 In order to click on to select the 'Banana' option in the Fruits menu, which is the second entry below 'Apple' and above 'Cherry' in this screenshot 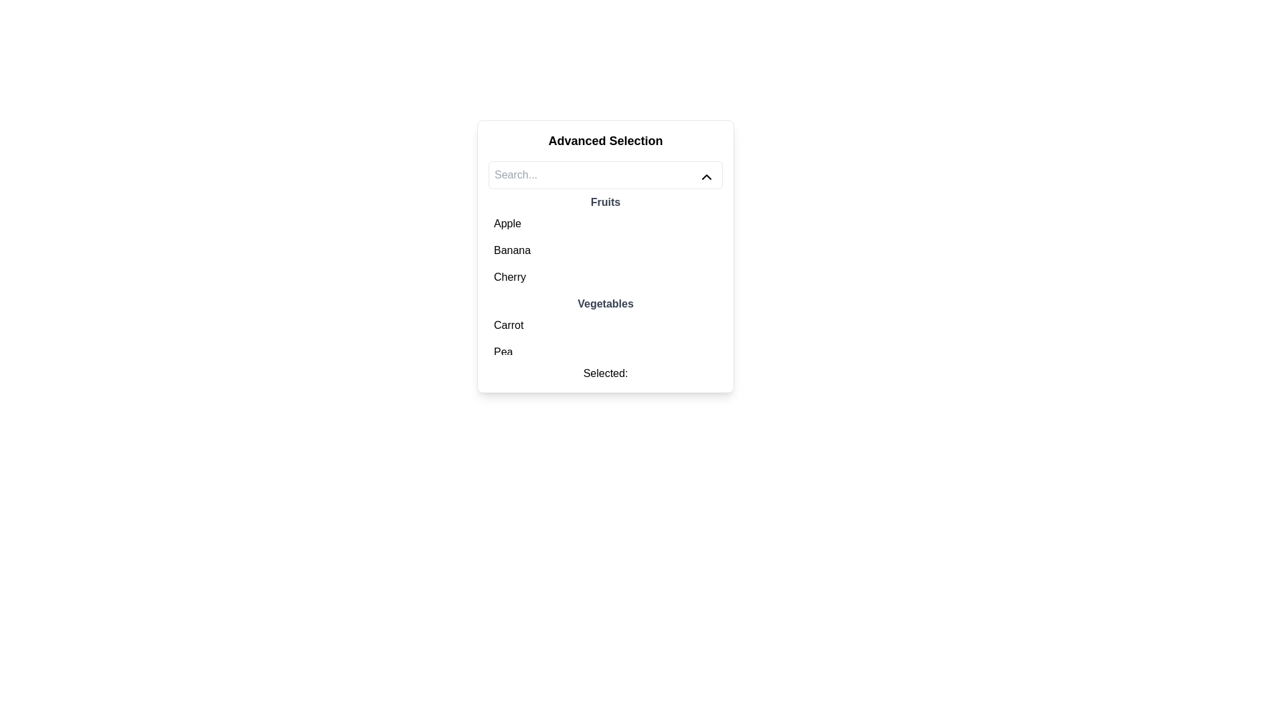, I will do `click(605, 250)`.